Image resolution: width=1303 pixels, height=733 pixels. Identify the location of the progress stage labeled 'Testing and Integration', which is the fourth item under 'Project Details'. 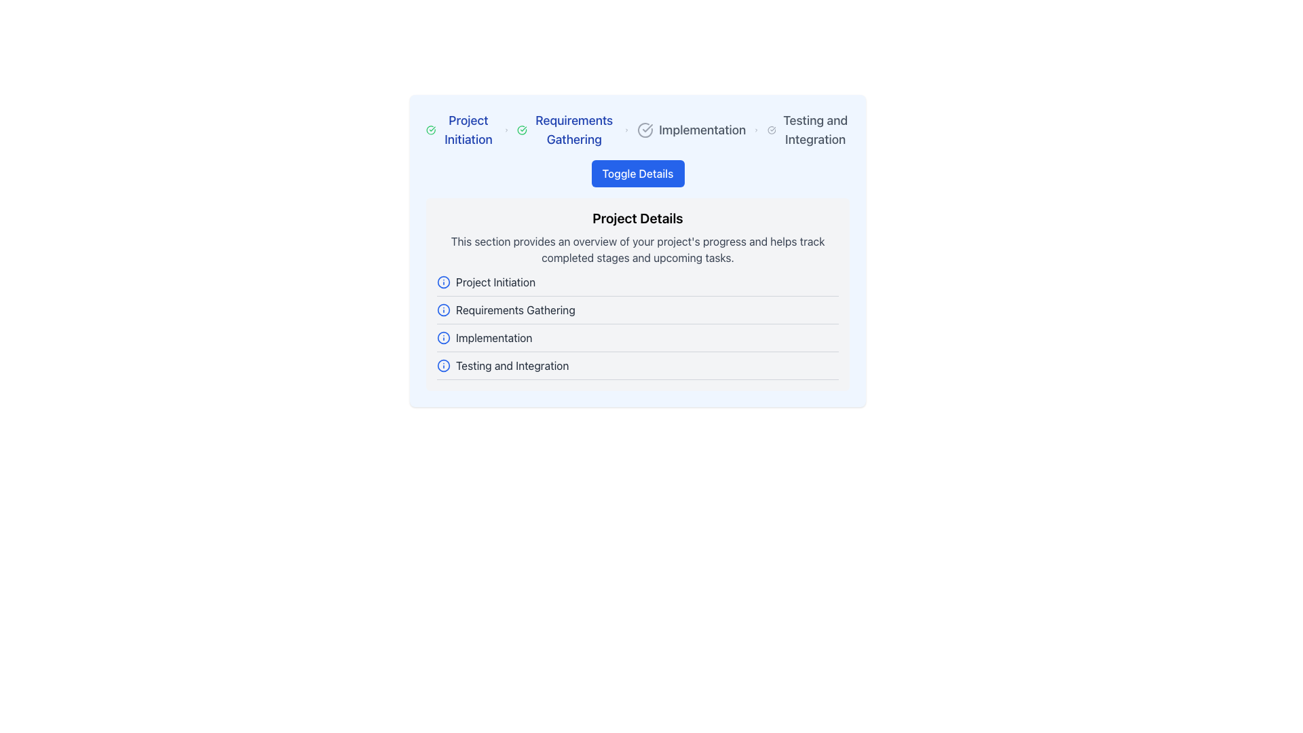
(637, 369).